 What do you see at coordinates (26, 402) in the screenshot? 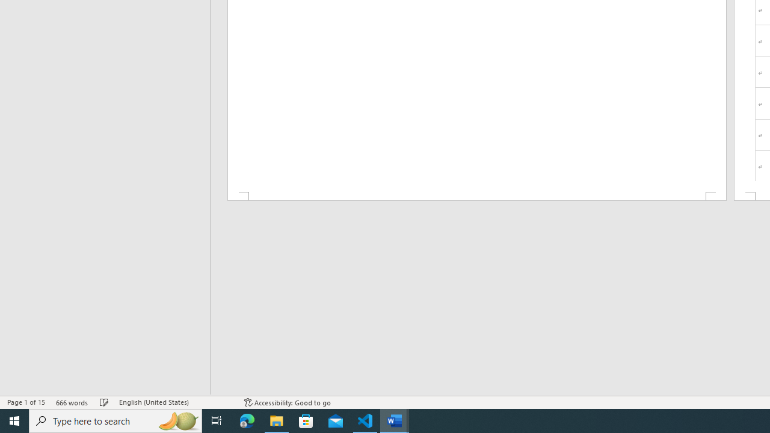
I see `'Page Number Page 1 of 15'` at bounding box center [26, 402].